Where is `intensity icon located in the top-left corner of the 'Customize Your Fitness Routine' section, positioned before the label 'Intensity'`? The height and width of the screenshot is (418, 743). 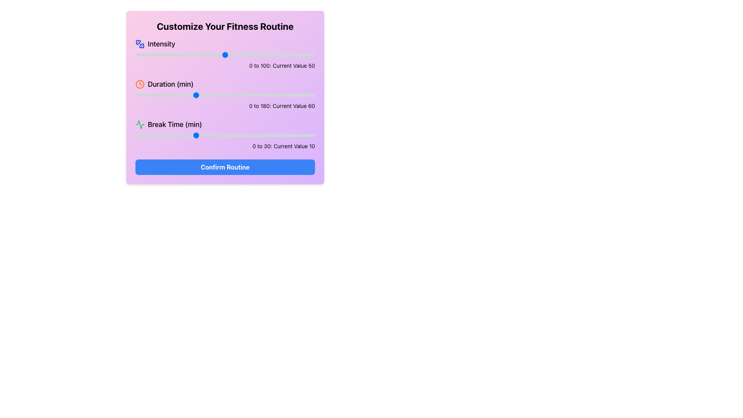
intensity icon located in the top-left corner of the 'Customize Your Fitness Routine' section, positioned before the label 'Intensity' is located at coordinates (140, 44).